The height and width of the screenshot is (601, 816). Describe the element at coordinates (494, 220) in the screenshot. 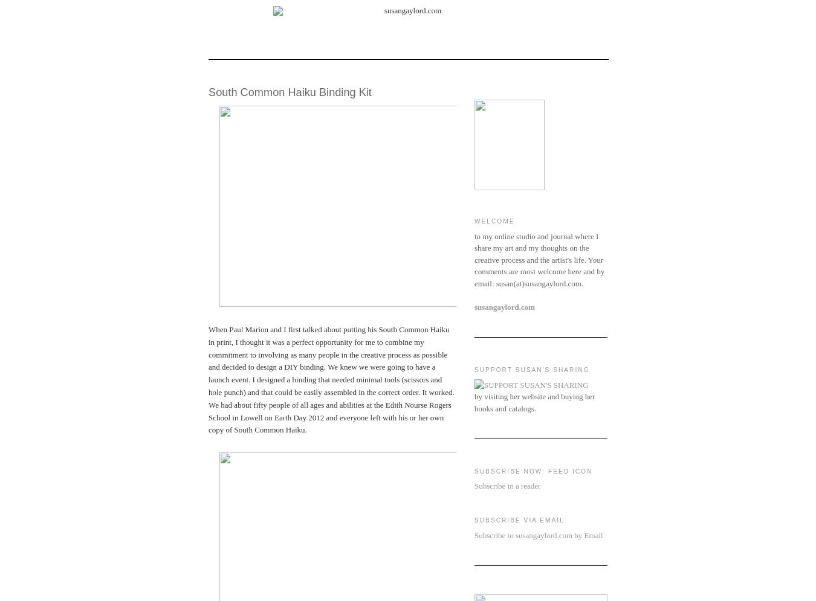

I see `'Welcome'` at that location.